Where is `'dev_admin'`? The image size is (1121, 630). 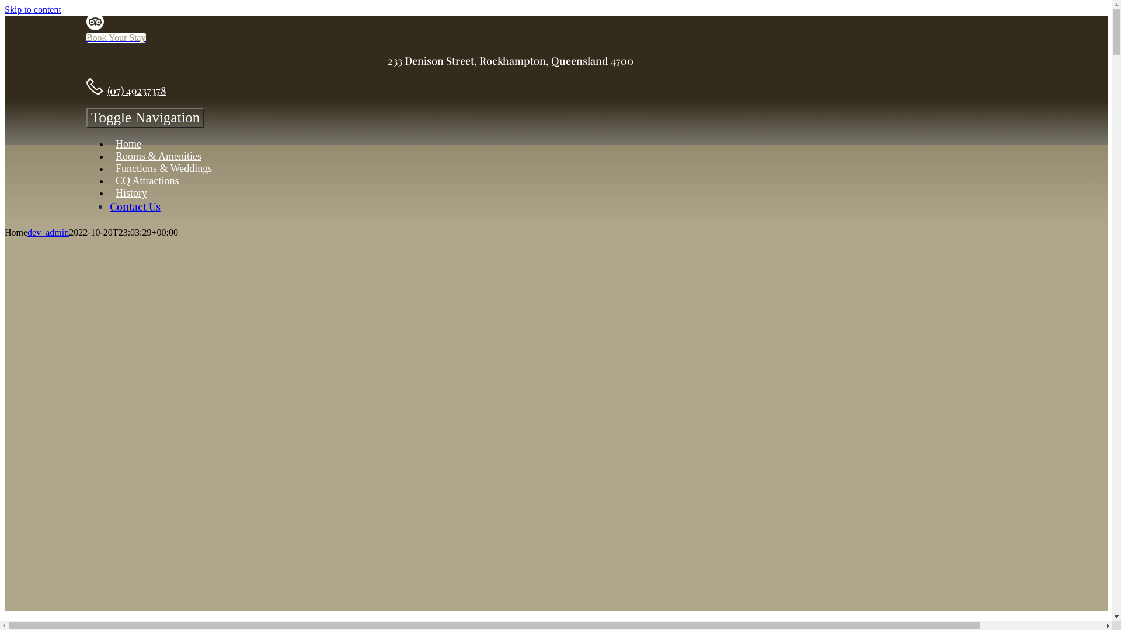
'dev_admin' is located at coordinates (47, 232).